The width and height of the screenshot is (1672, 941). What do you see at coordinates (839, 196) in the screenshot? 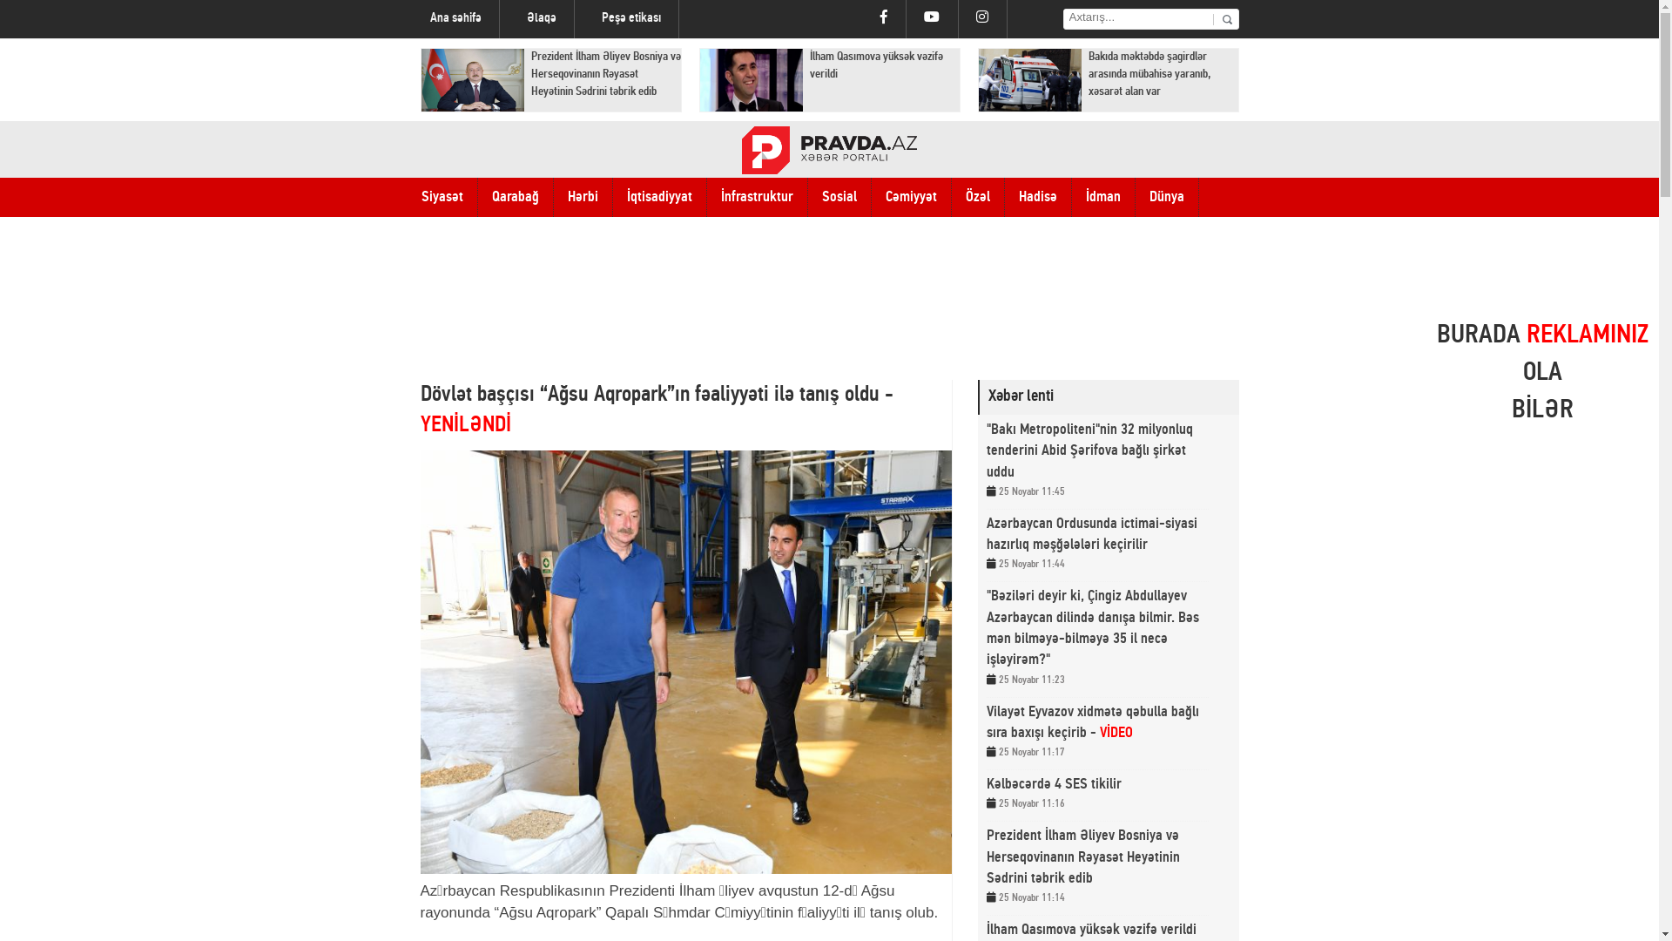
I see `'Sosial'` at bounding box center [839, 196].